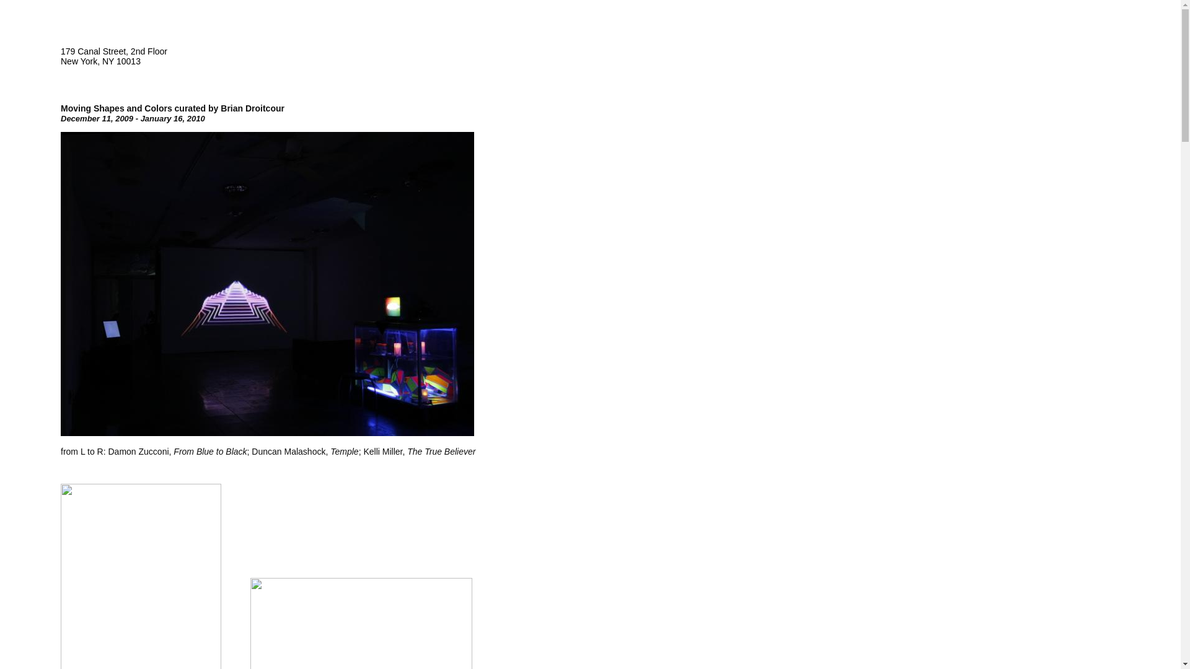 This screenshot has height=669, width=1190. Describe the element at coordinates (113, 56) in the screenshot. I see `'179 Canal Street, 2nd Floor` at that location.